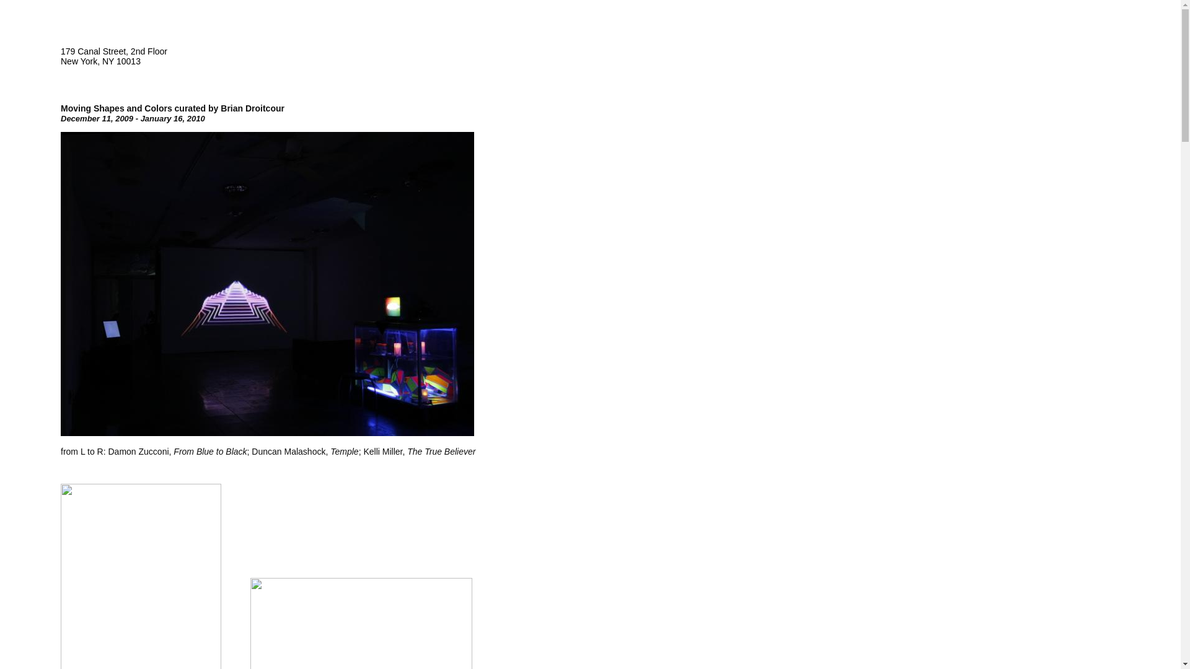 This screenshot has height=669, width=1190. Describe the element at coordinates (113, 56) in the screenshot. I see `'179 Canal Street, 2nd Floor` at that location.